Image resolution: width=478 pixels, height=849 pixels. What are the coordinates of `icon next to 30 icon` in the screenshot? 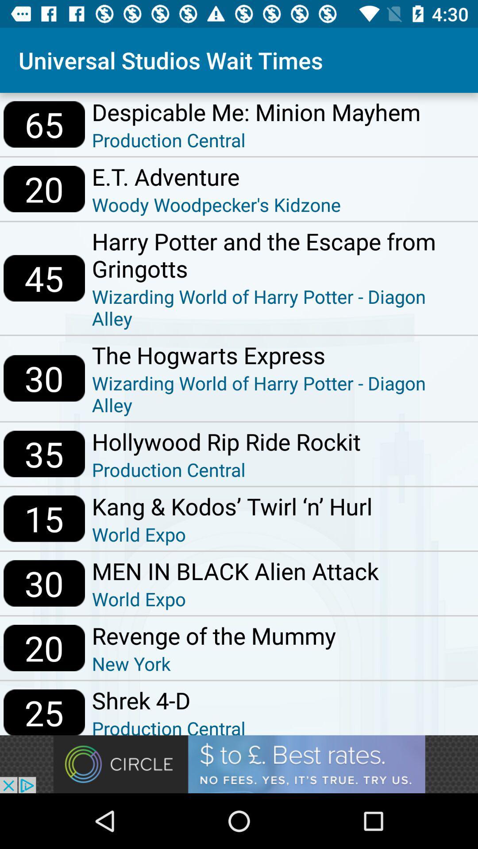 It's located at (281, 355).